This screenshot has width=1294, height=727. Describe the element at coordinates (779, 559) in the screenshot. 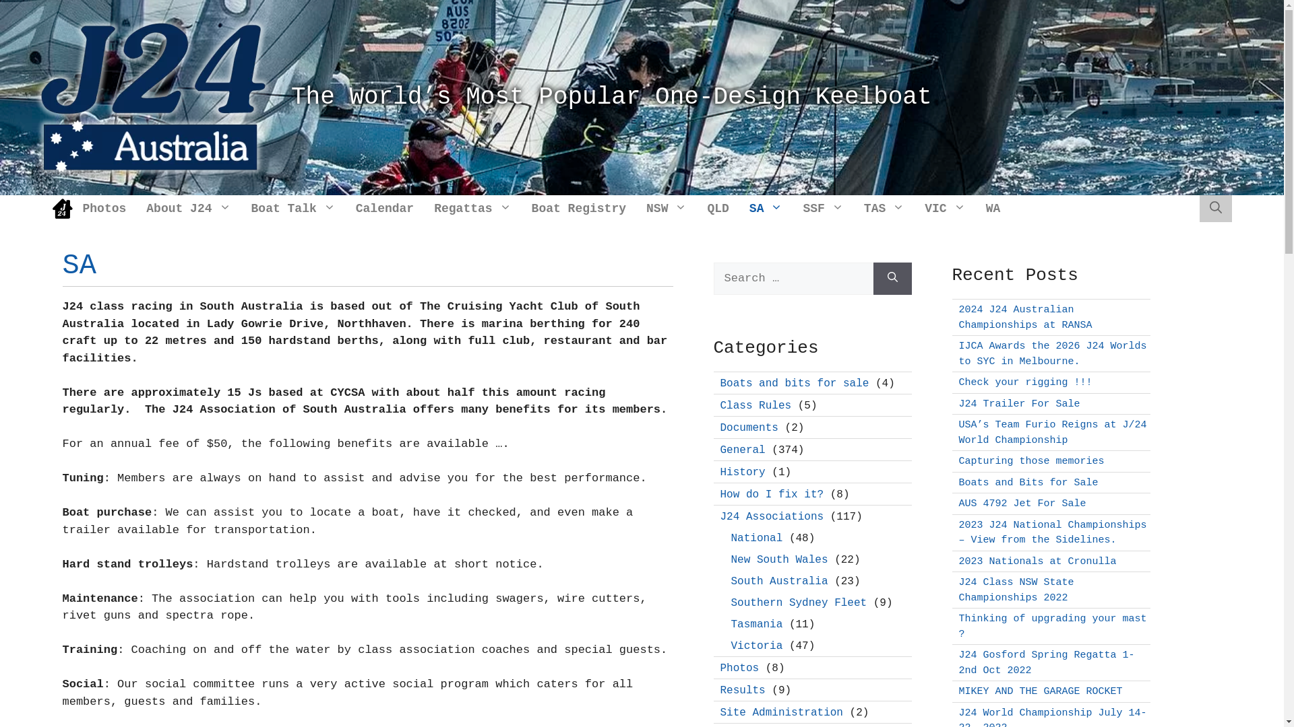

I see `'New South Wales'` at that location.